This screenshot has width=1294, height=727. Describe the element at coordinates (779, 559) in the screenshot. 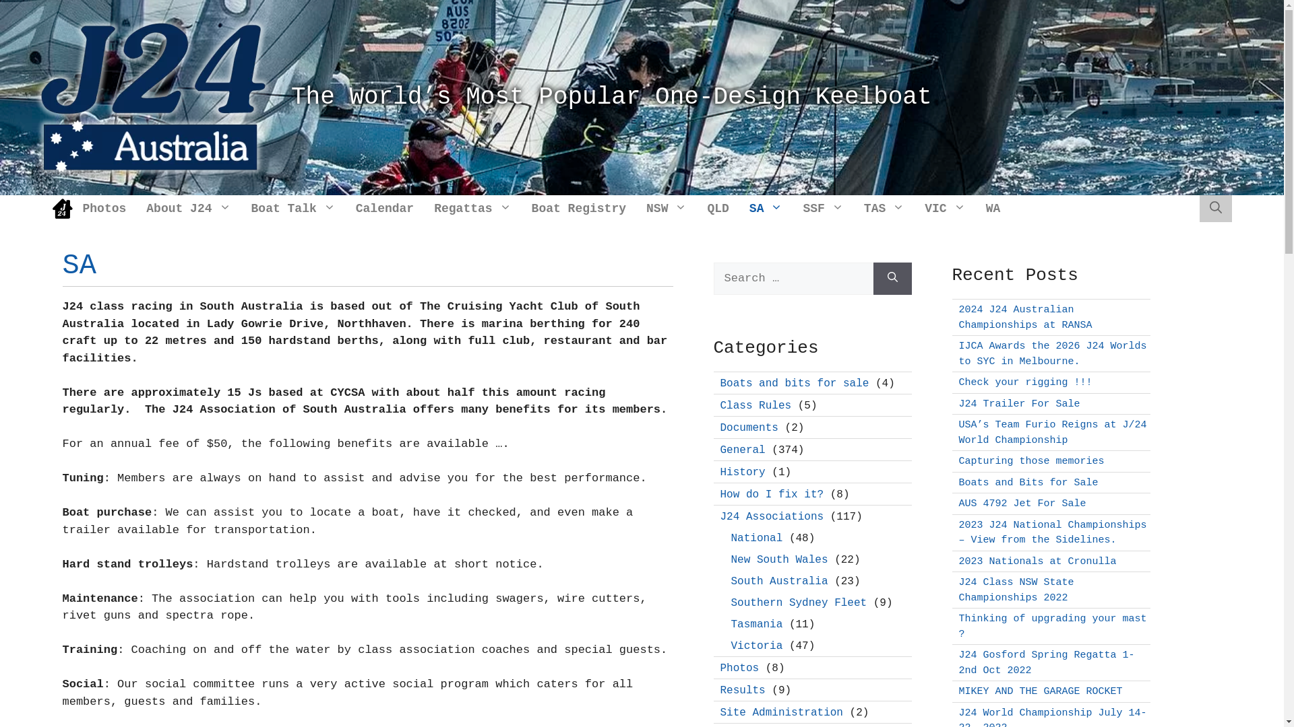

I see `'New South Wales'` at that location.